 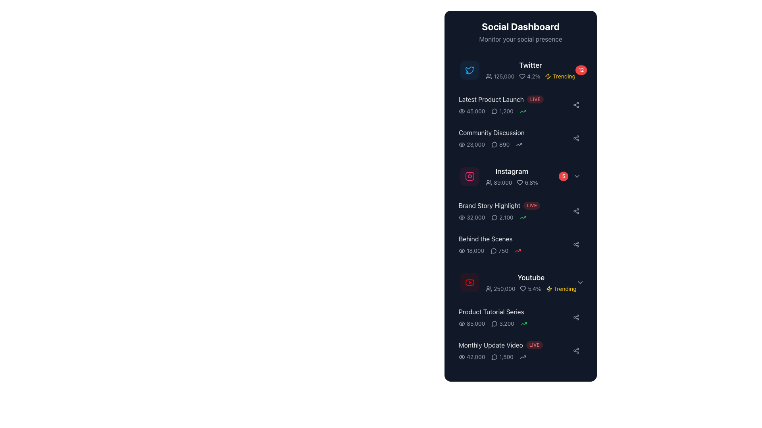 I want to click on the Twitter icon in the social dashboard, which is represented by a rounded, blue-hued rectangular button located at the top-left section of the social media logos list, so click(x=470, y=70).